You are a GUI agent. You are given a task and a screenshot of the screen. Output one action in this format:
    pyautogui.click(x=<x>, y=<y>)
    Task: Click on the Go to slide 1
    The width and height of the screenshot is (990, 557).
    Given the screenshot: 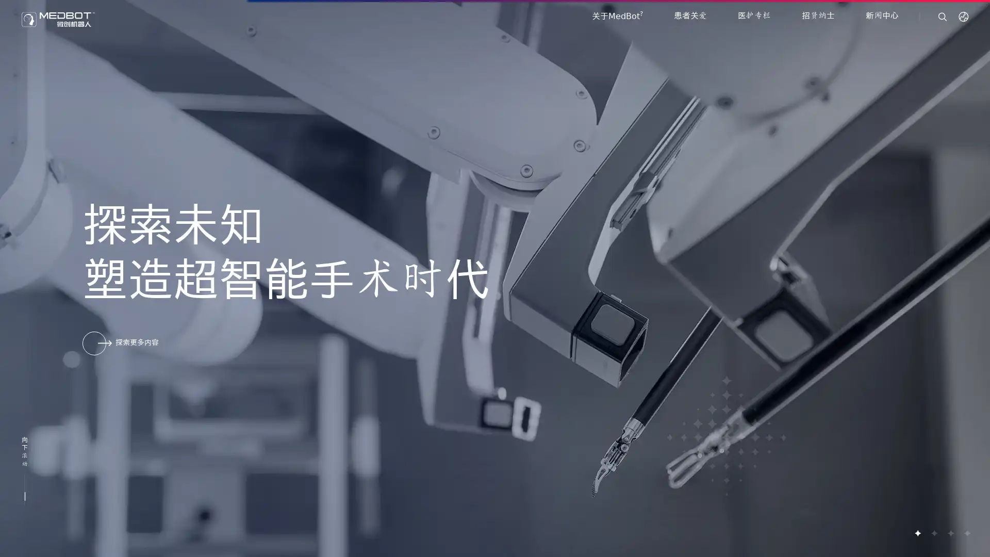 What is the action you would take?
    pyautogui.click(x=917, y=533)
    